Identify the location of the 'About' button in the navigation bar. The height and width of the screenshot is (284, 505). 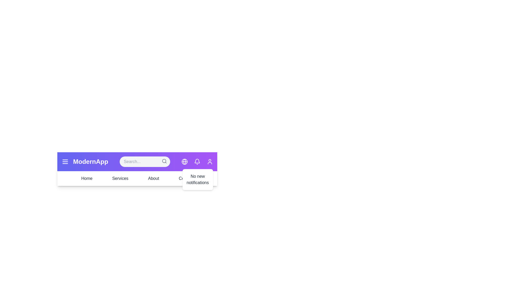
(153, 178).